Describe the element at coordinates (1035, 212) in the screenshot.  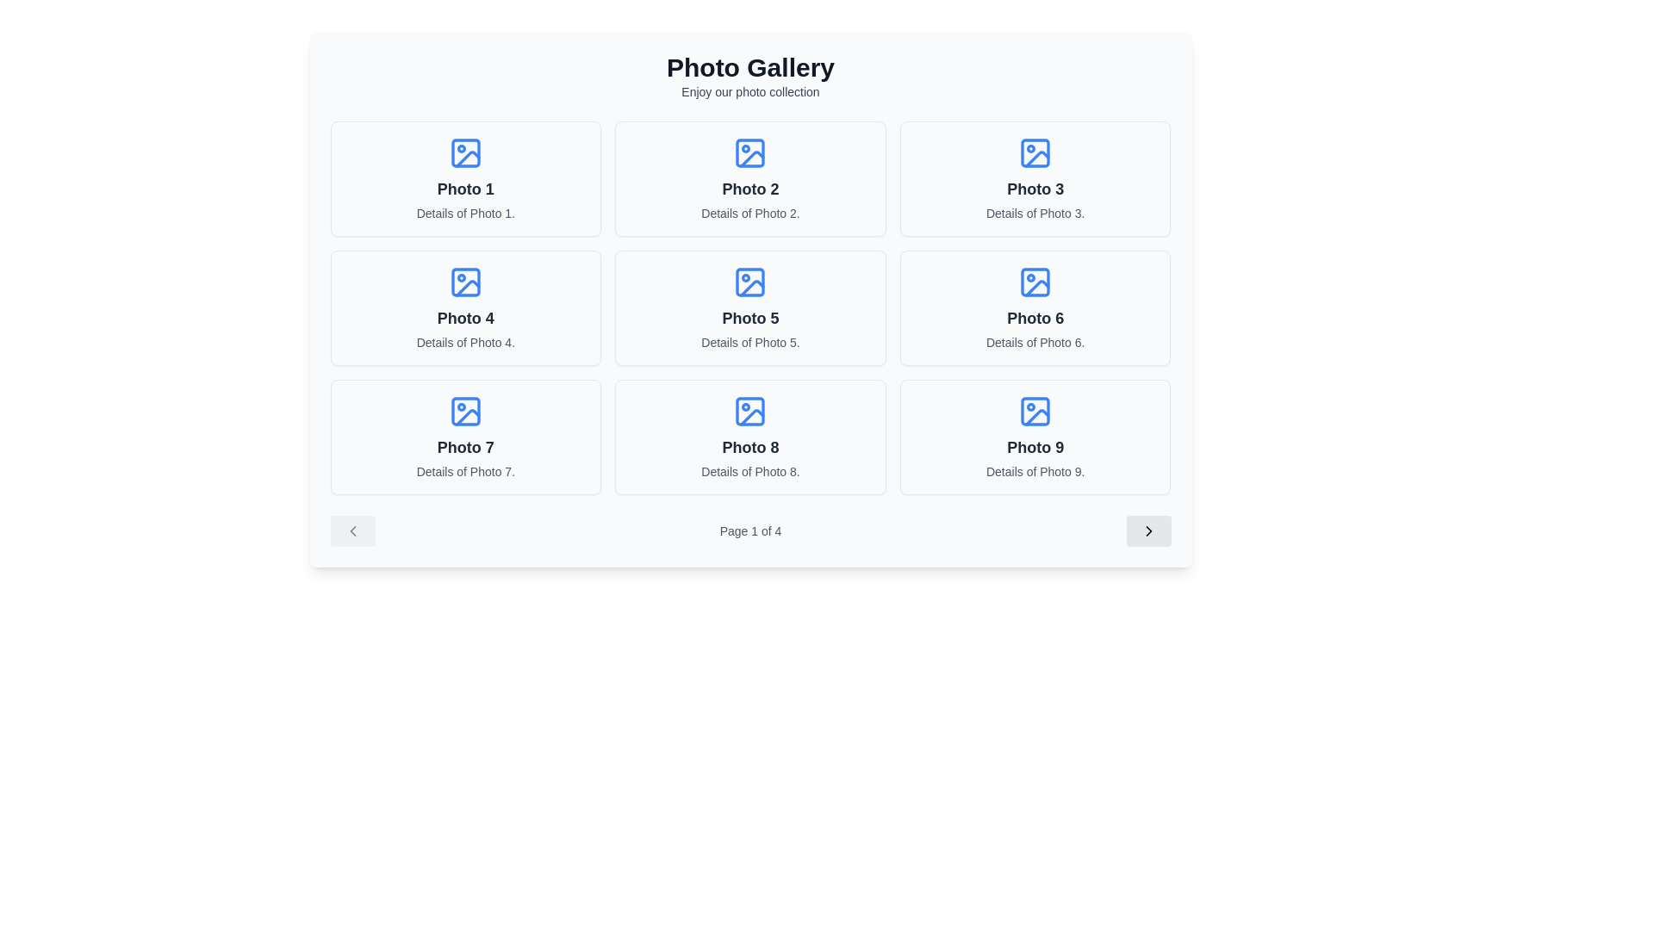
I see `the descriptive Text label for 'Photo 3', which is located in the top row, third column of the grid-like structure beneath the main label 'Photo 3'` at that location.